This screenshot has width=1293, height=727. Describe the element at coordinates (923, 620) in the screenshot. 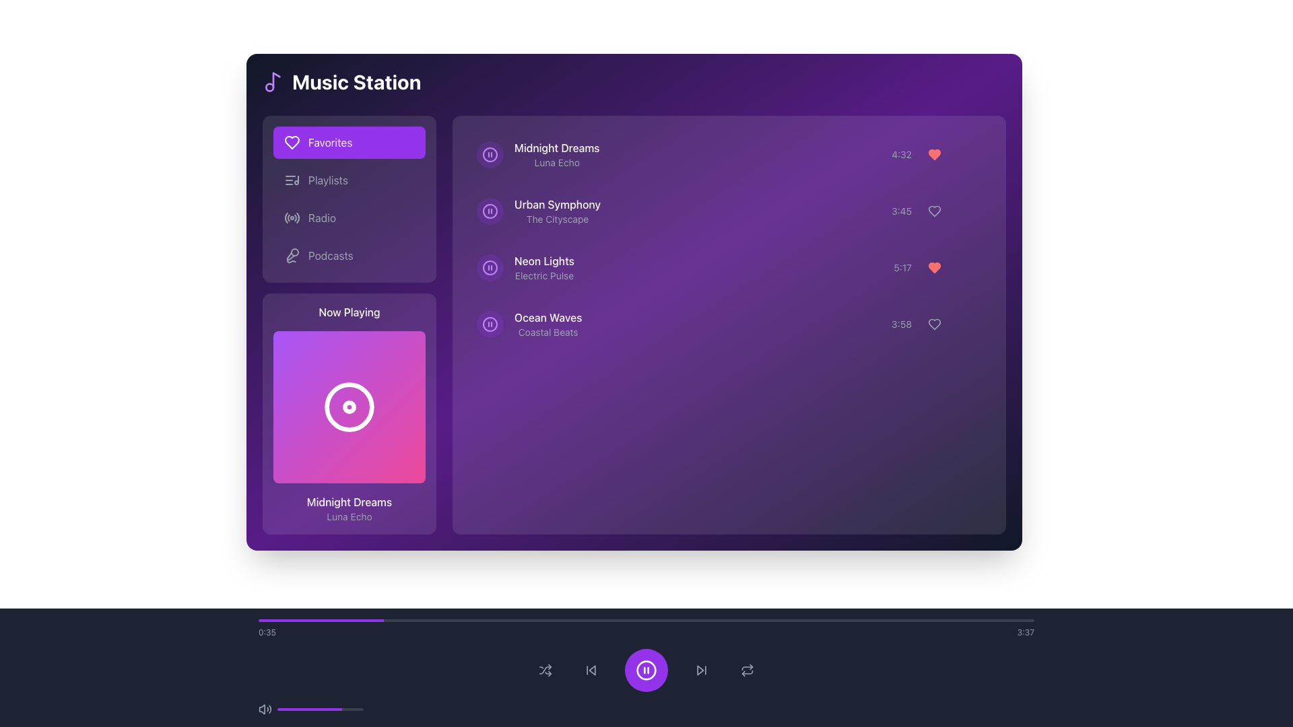

I see `playback position` at that location.